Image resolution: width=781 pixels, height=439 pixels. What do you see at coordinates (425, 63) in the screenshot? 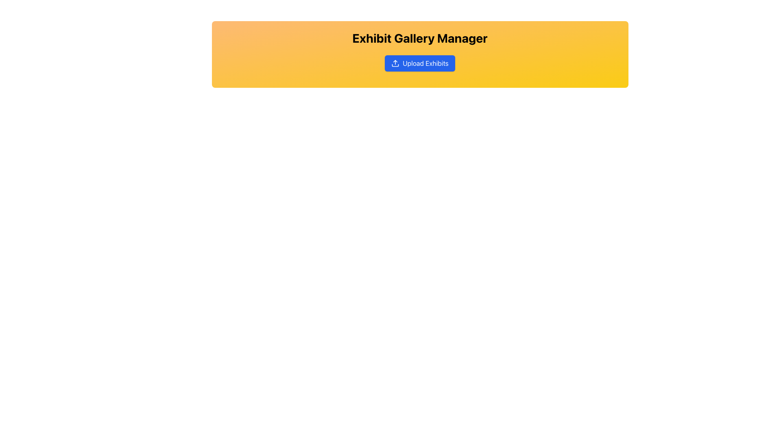
I see `the 'Upload Exhibits' text element within the blue button` at bounding box center [425, 63].